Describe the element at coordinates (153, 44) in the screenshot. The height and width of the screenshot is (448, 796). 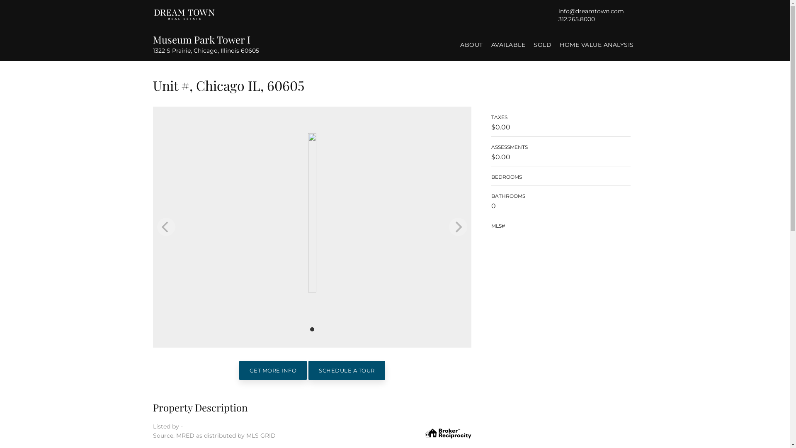
I see `'Museum Park Tower I` at that location.